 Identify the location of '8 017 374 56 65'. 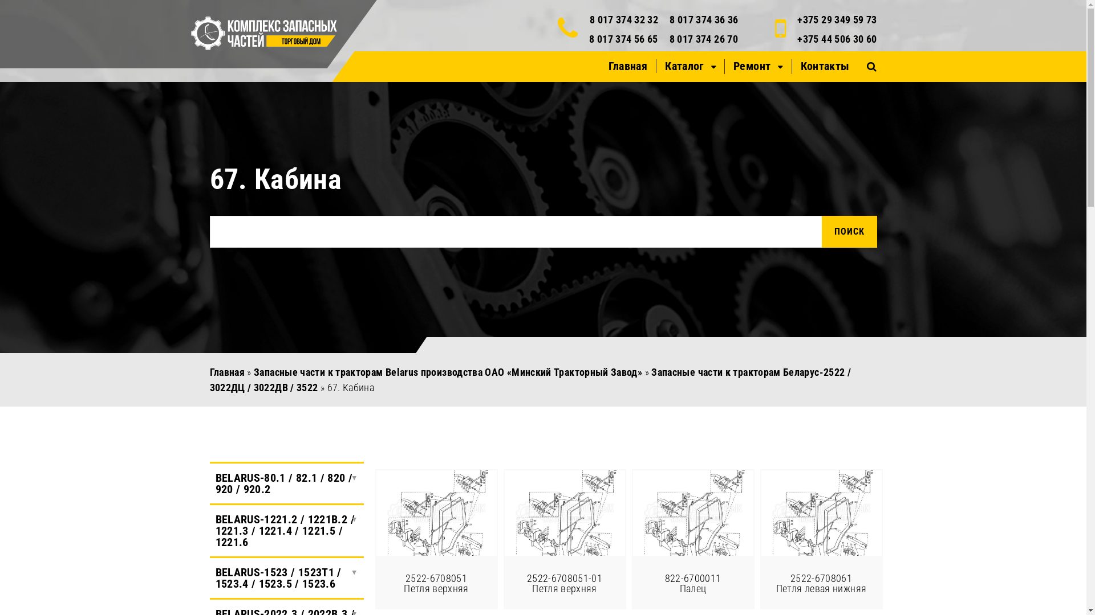
(623, 38).